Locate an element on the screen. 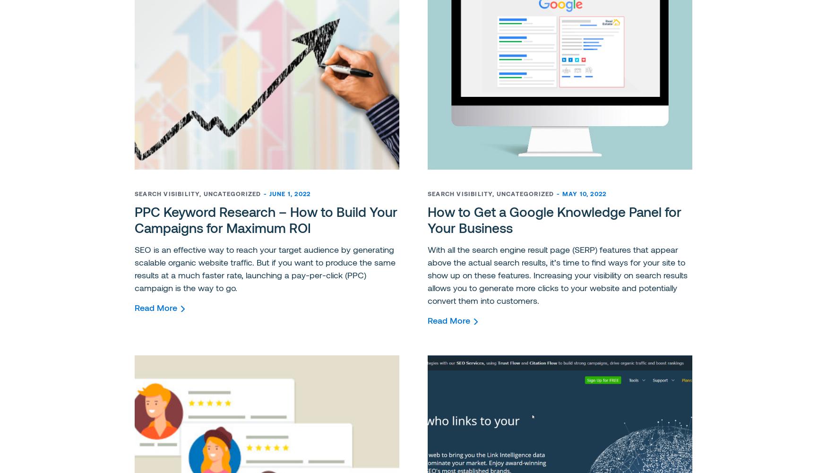 The width and height of the screenshot is (827, 473). 'May 10, 2022' is located at coordinates (584, 193).